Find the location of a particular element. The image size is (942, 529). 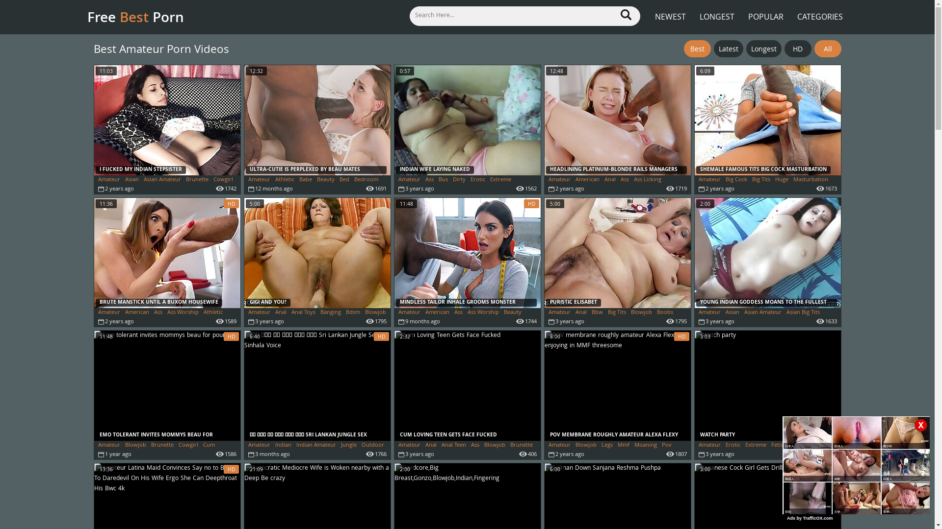

'CATEGORIES' is located at coordinates (819, 11).